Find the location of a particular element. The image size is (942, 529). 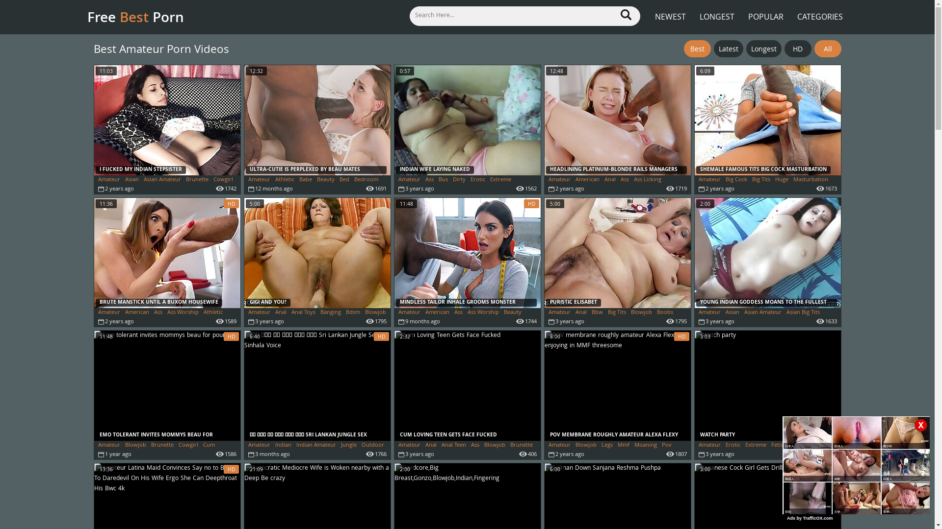

'CATEGORIES' is located at coordinates (819, 11).